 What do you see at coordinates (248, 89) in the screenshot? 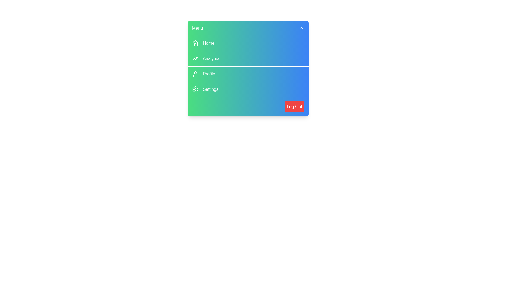
I see `the menu item Settings to navigate` at bounding box center [248, 89].